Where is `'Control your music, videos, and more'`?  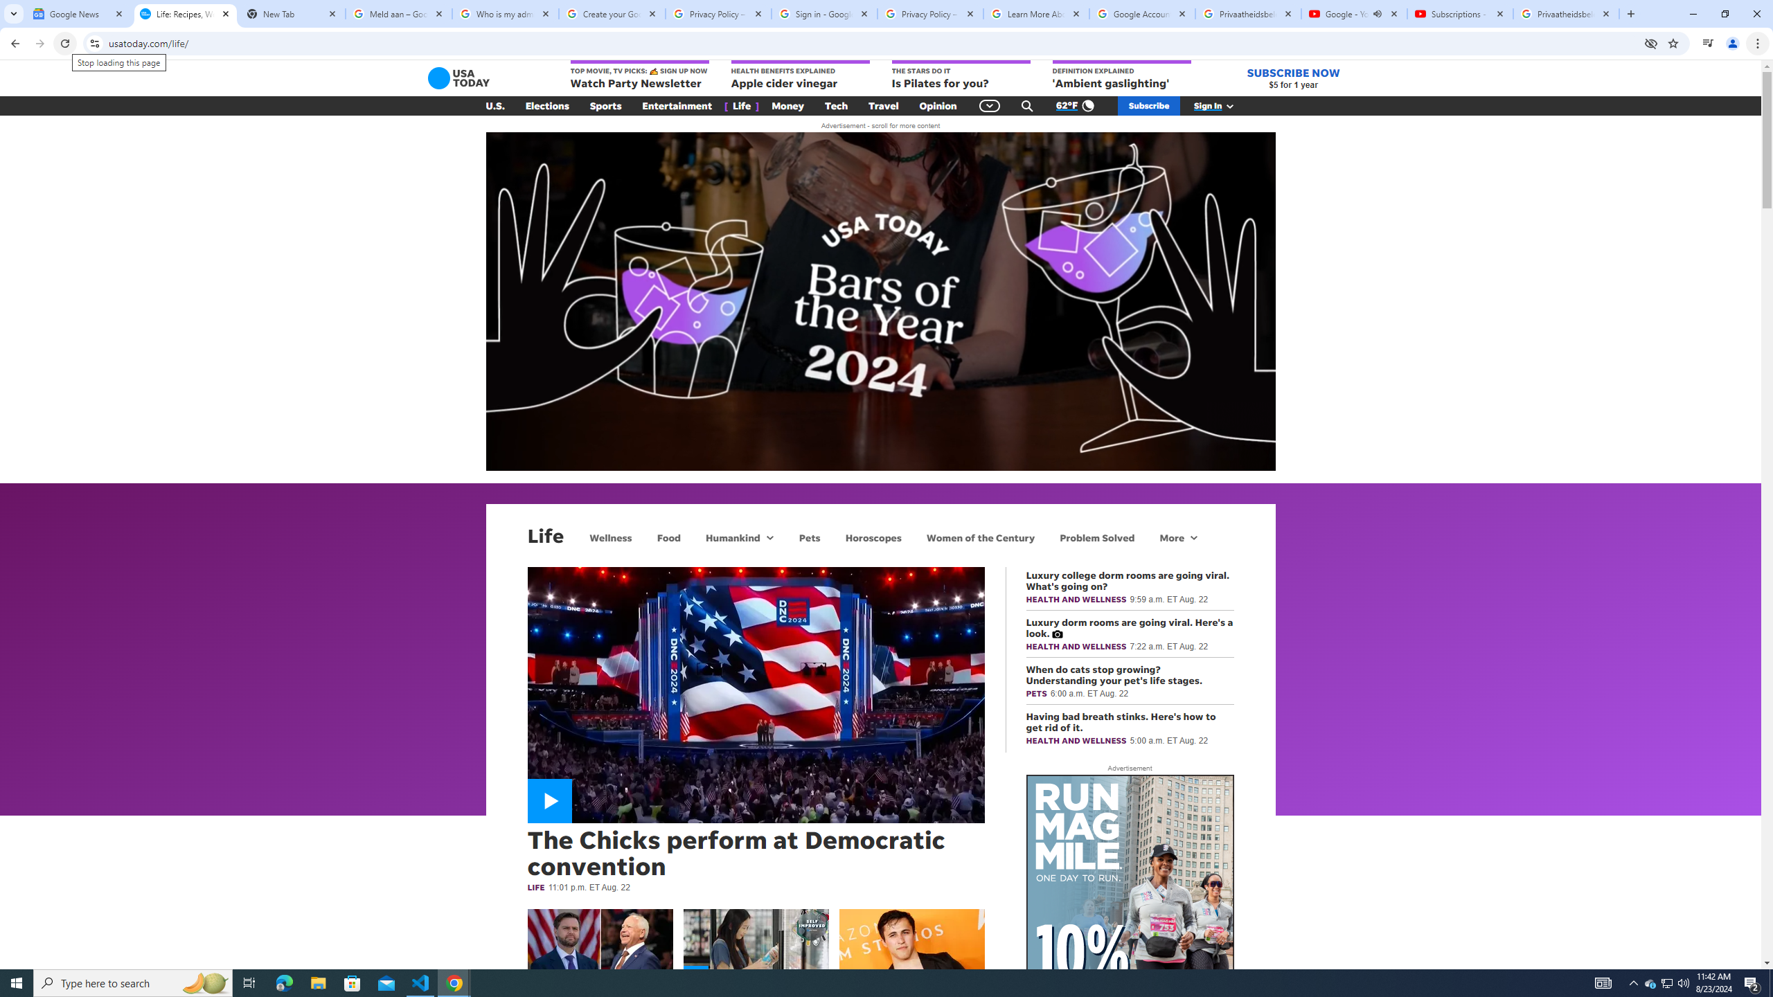
'Control your music, videos, and more' is located at coordinates (1708, 43).